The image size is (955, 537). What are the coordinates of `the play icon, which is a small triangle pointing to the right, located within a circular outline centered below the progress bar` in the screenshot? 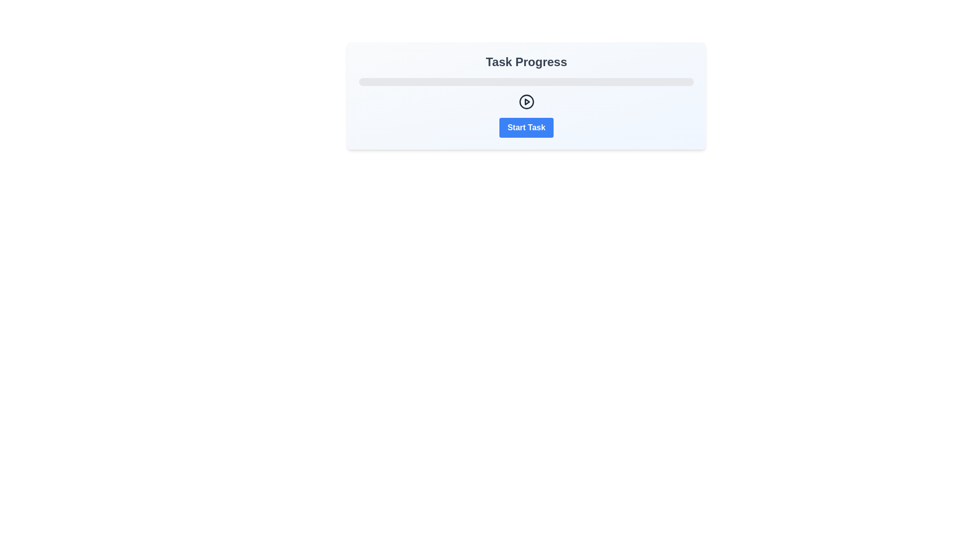 It's located at (526, 101).